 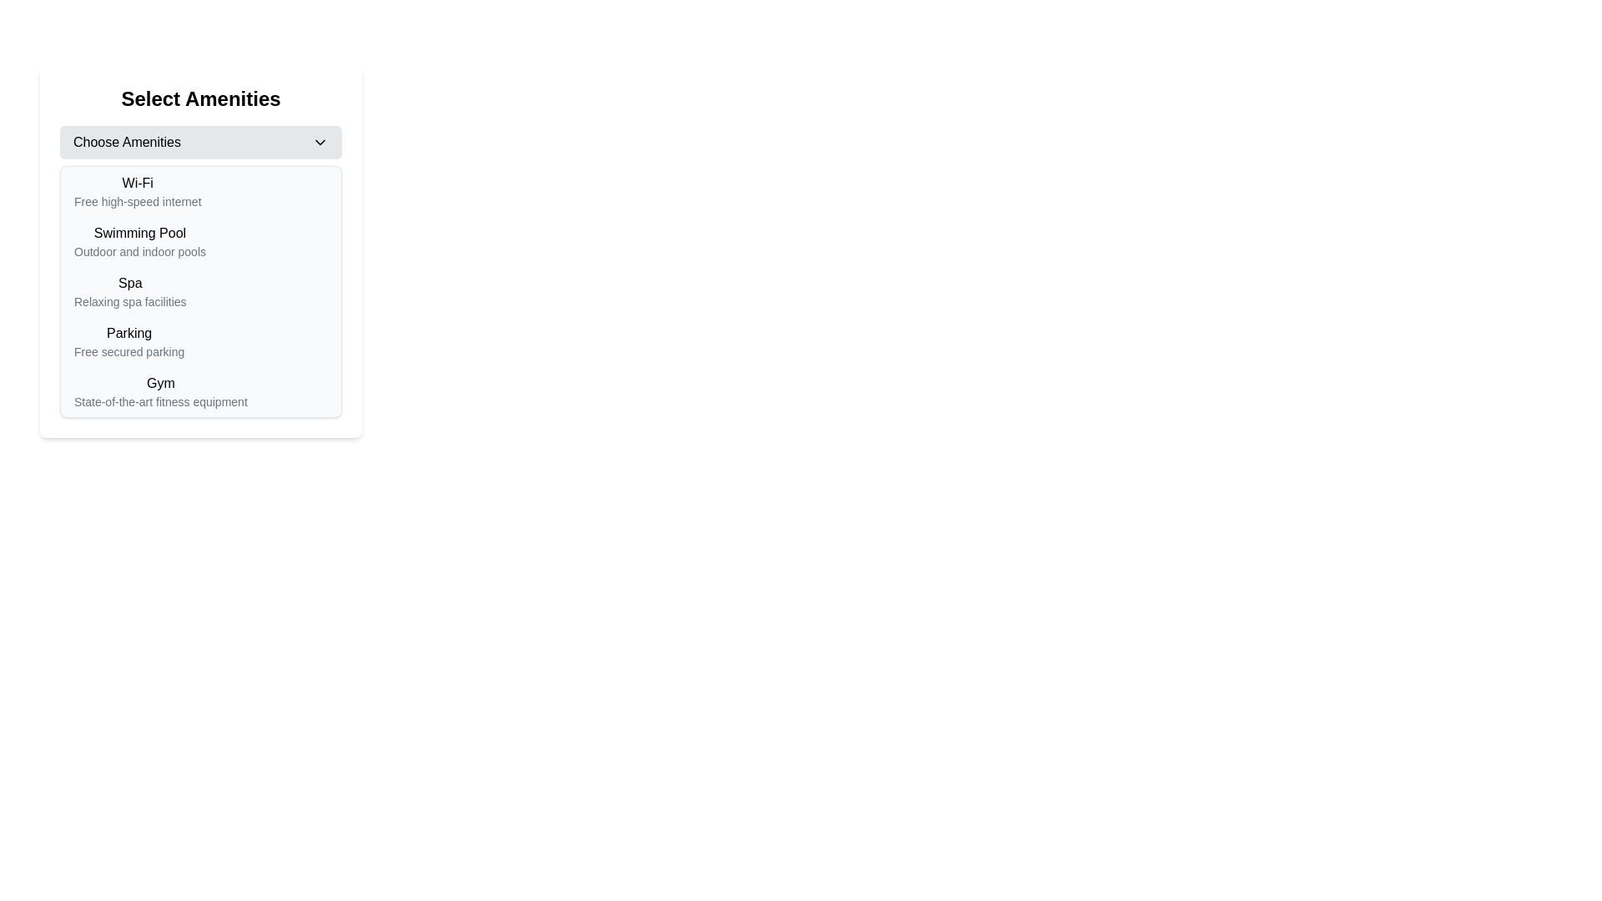 What do you see at coordinates (200, 291) in the screenshot?
I see `the third list item displaying information about the availability of relaxing spa facilities in the amenities list for interaction` at bounding box center [200, 291].